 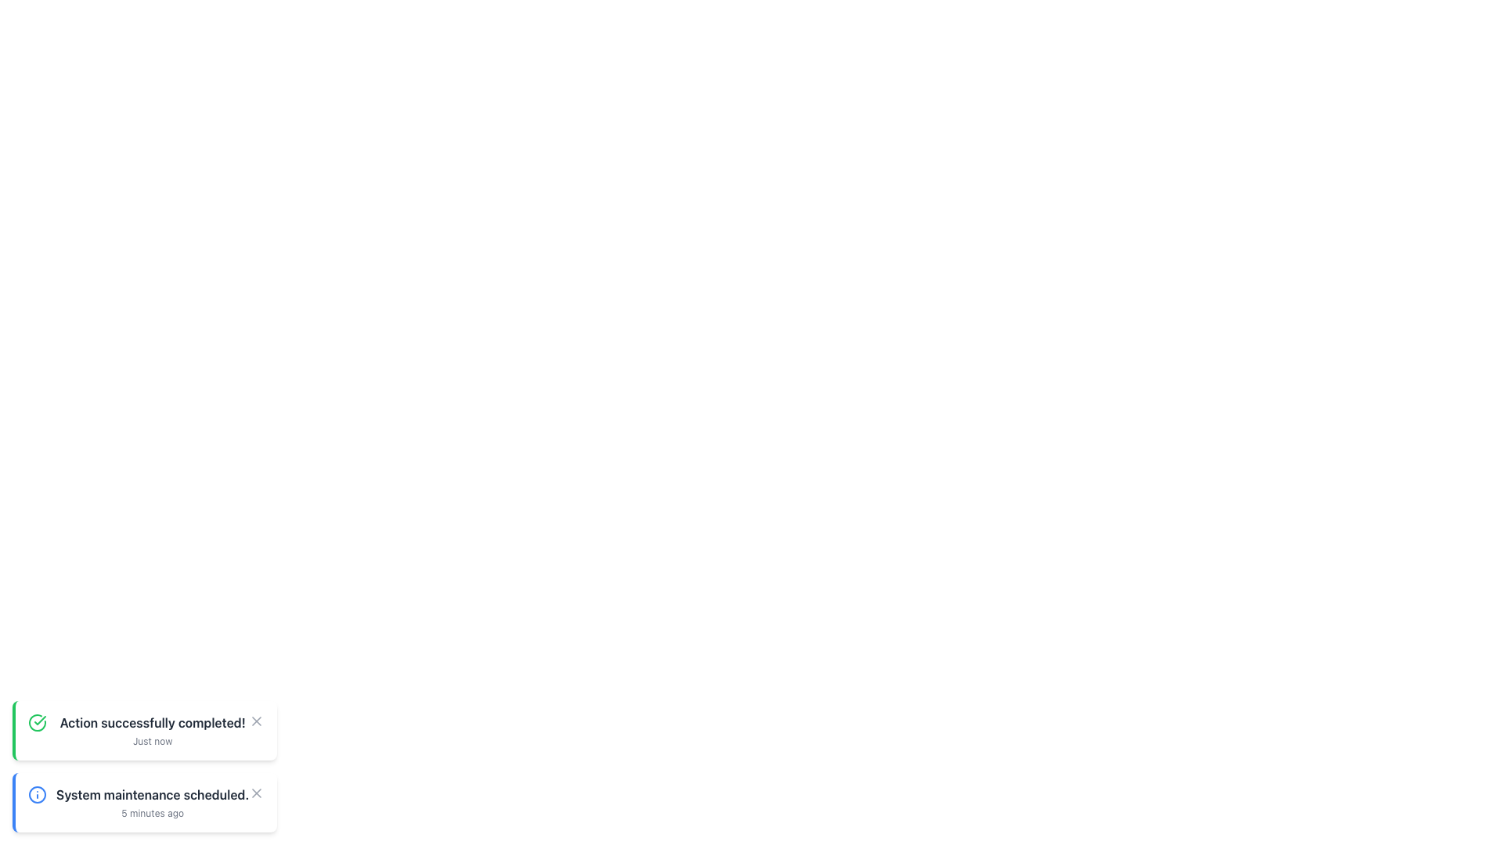 I want to click on the circular graphical element with a blue border and white fill that is part of the notification card titled 'System maintenance scheduled' located at the bottom-left corner of the interface, so click(x=38, y=794).